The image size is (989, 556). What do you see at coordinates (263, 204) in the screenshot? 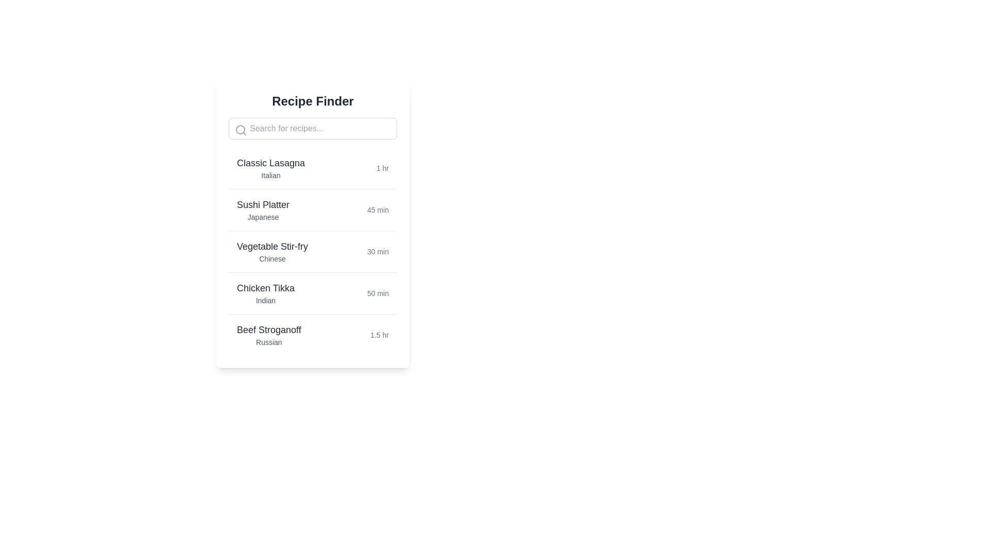
I see `the 'Sushi Platter' text label, which is the second item in the vertical list of food options, located above 'Vegetable Stir-fry' and below 'Classic Lasagna'` at bounding box center [263, 204].